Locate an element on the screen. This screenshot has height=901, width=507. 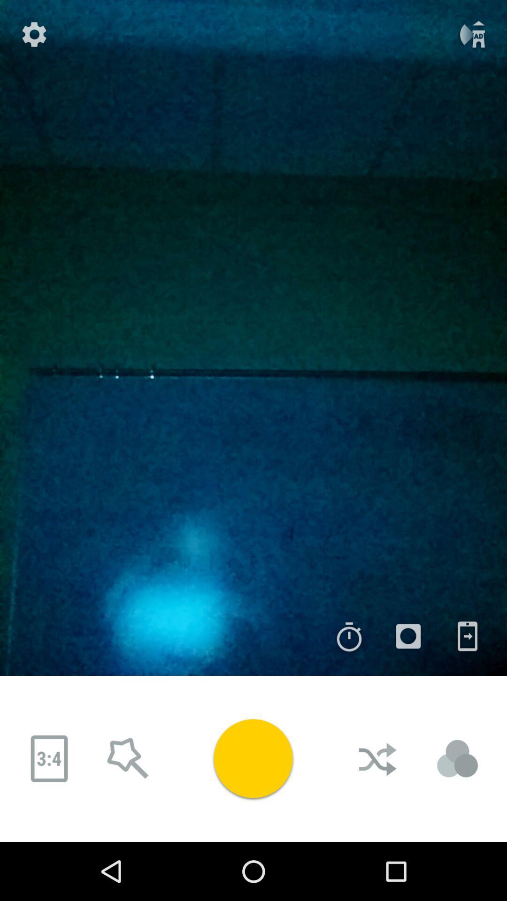
the photo icon is located at coordinates (398, 636).